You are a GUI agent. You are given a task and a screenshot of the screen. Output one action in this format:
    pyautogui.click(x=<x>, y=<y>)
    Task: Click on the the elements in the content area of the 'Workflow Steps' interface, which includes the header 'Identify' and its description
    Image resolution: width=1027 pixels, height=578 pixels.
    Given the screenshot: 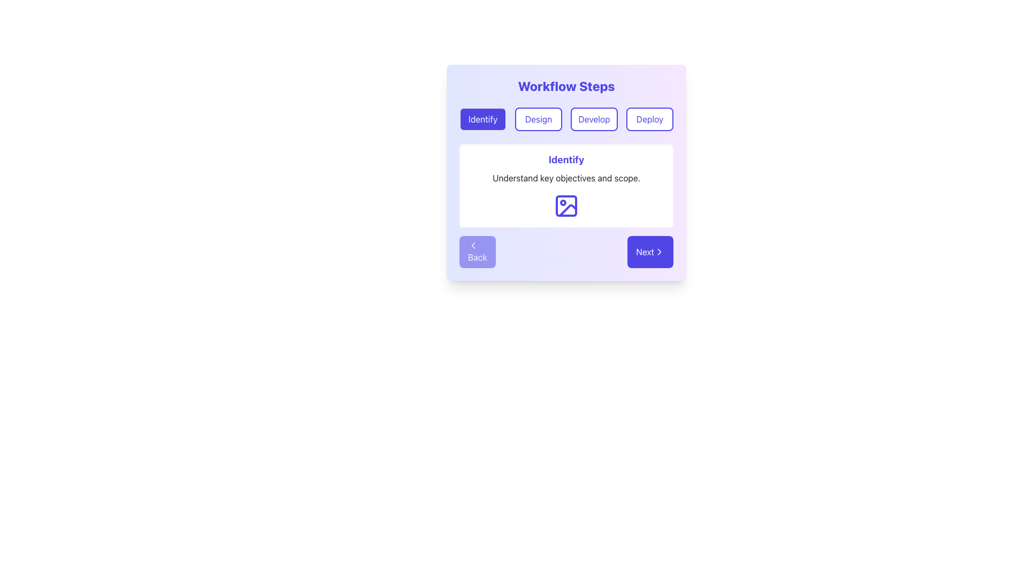 What is the action you would take?
    pyautogui.click(x=566, y=172)
    